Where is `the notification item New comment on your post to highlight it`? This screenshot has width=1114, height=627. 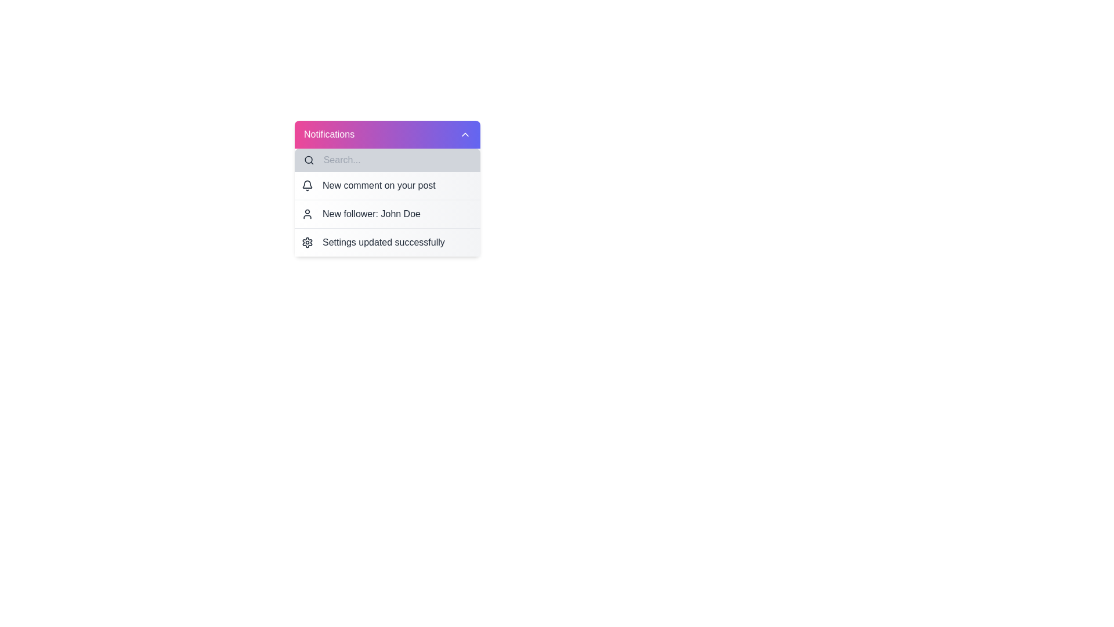
the notification item New comment on your post to highlight it is located at coordinates (387, 185).